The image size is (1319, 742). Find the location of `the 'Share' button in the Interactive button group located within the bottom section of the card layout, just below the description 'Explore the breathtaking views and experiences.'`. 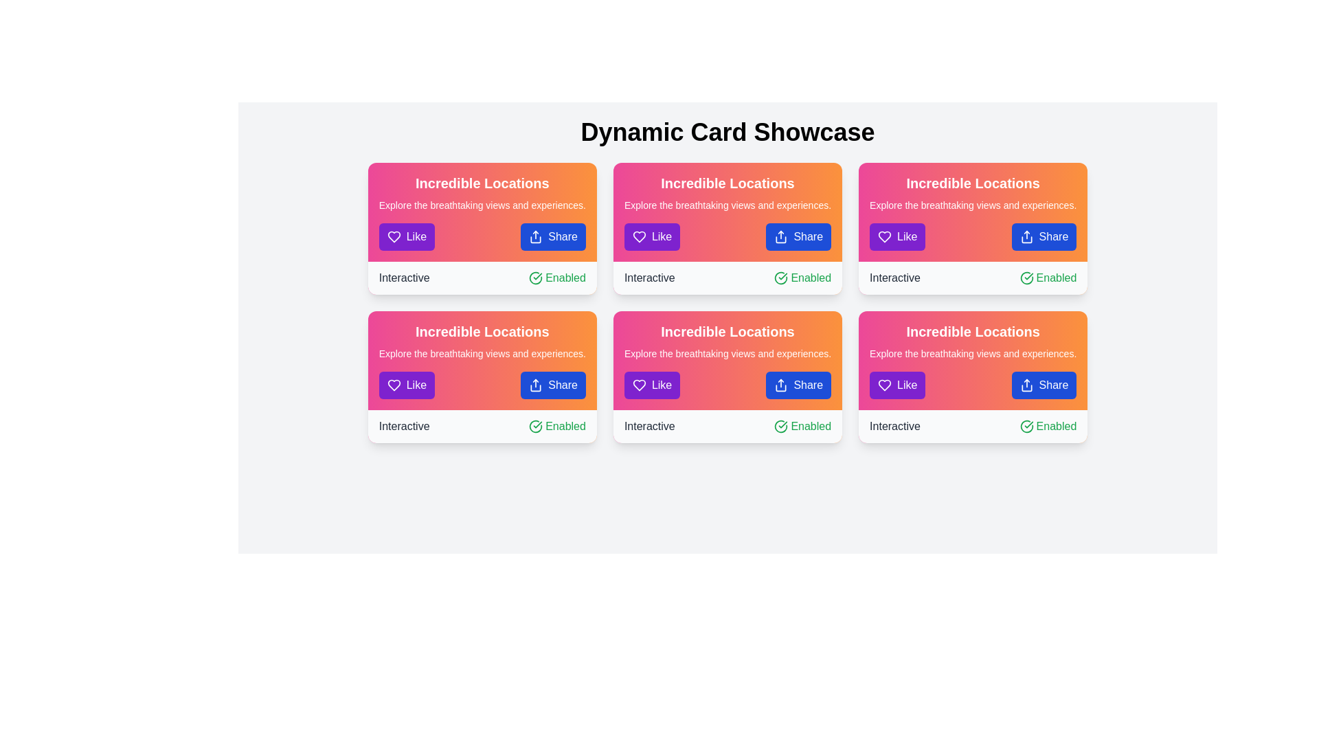

the 'Share' button in the Interactive button group located within the bottom section of the card layout, just below the description 'Explore the breathtaking views and experiences.' is located at coordinates (972, 236).